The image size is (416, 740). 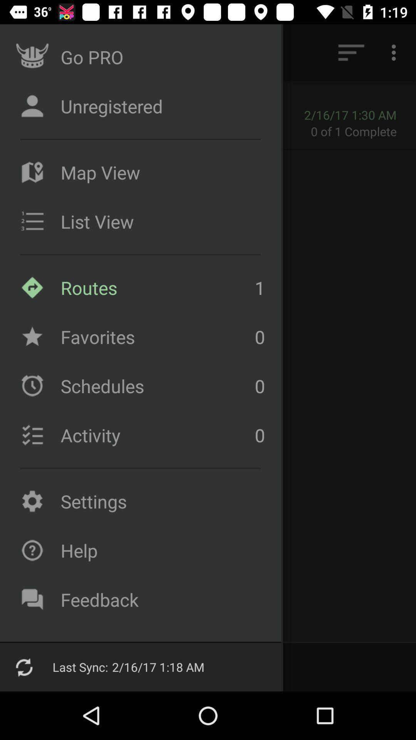 I want to click on the icon to the left of go pro icon, so click(x=28, y=52).